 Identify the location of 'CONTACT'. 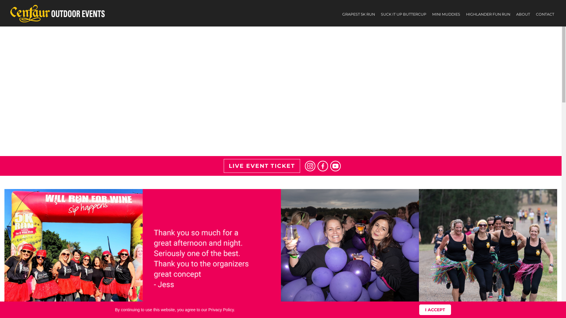
(544, 14).